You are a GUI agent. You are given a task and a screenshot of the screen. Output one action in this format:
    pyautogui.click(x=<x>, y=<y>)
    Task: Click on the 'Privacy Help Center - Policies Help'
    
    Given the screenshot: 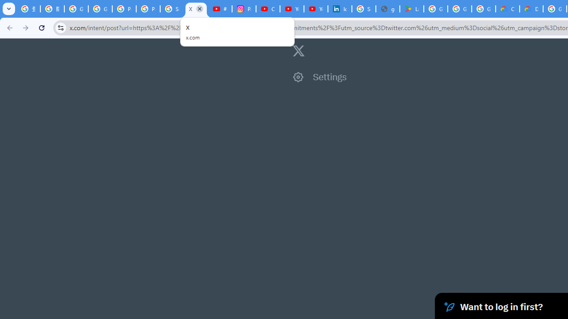 What is the action you would take?
    pyautogui.click(x=148, y=9)
    